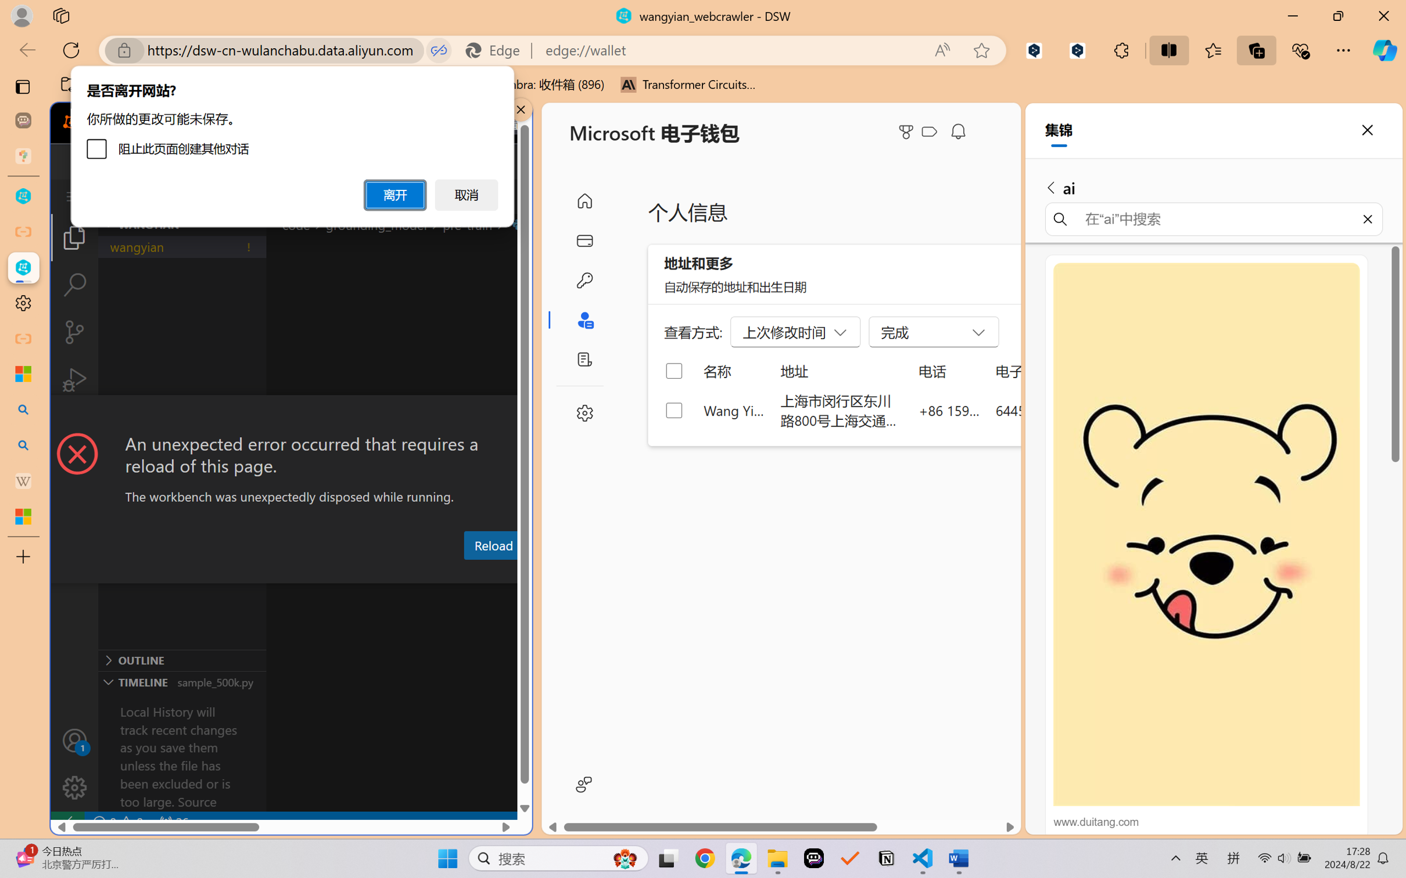 The image size is (1406, 878). Describe the element at coordinates (1056, 409) in the screenshot. I see `'644553698@qq.com'` at that location.